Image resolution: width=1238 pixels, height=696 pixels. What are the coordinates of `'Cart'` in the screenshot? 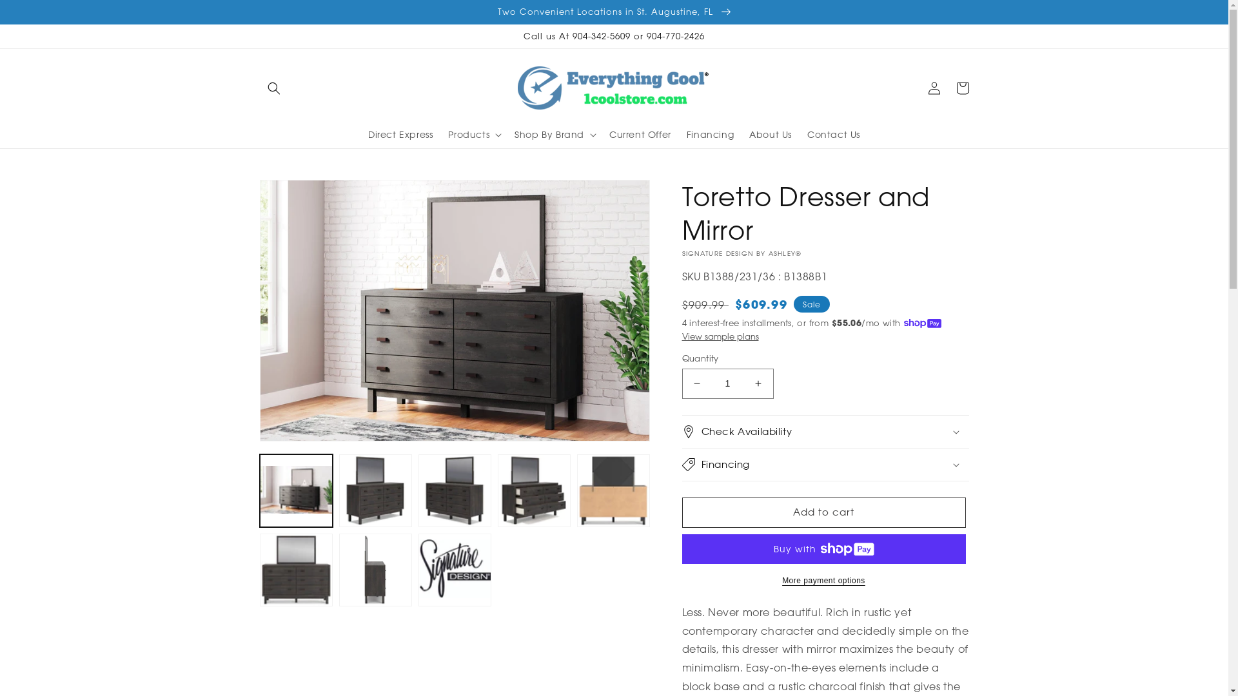 It's located at (962, 88).